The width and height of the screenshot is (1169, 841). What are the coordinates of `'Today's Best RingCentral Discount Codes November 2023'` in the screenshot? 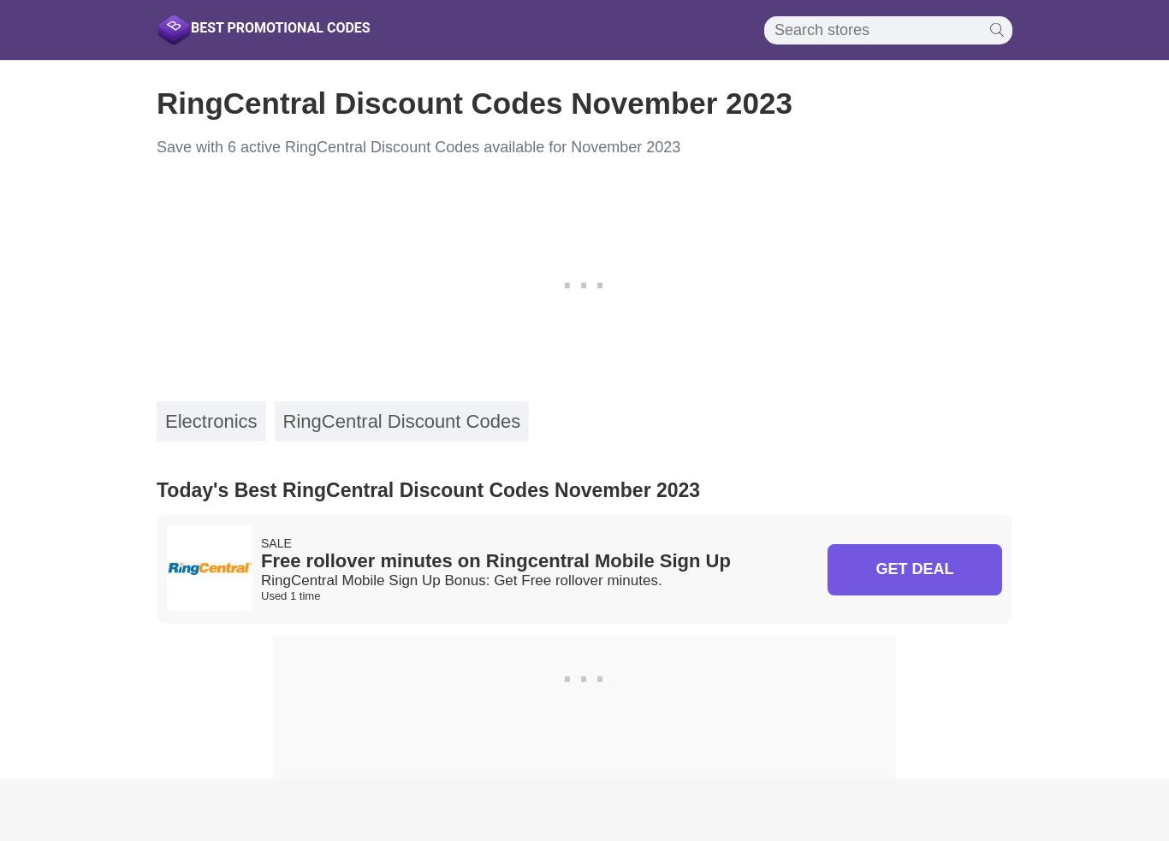 It's located at (428, 489).